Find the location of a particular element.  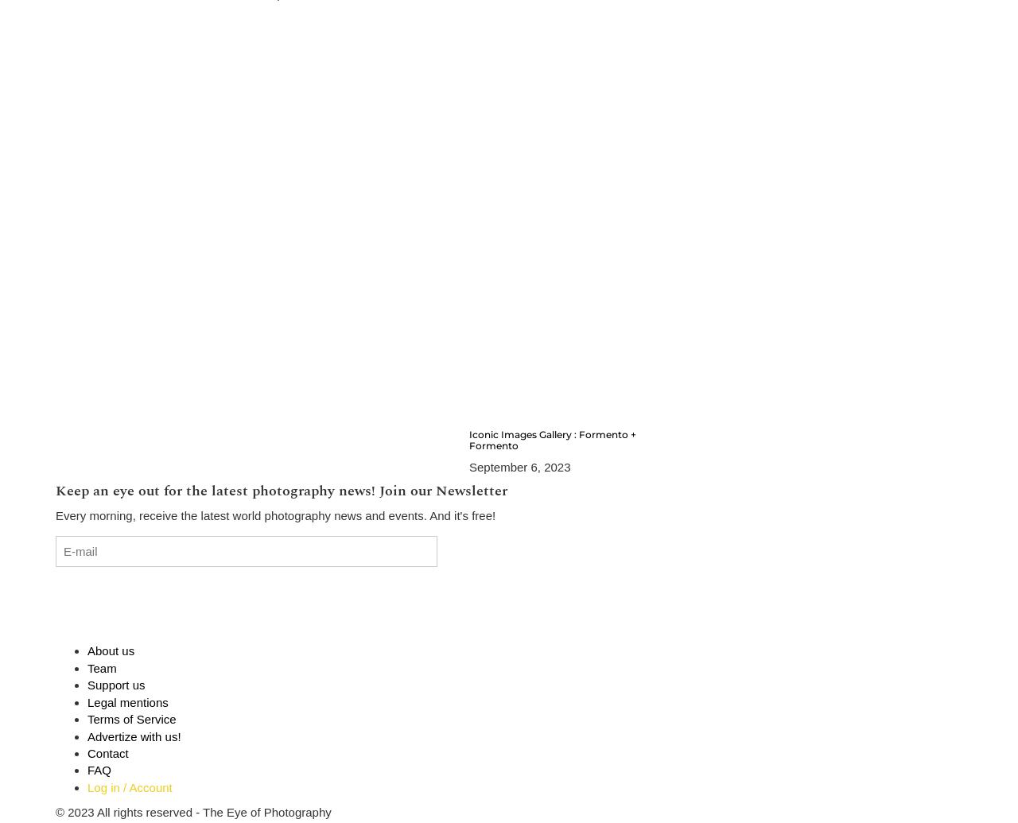

'September 6, 2023' is located at coordinates (519, 465).